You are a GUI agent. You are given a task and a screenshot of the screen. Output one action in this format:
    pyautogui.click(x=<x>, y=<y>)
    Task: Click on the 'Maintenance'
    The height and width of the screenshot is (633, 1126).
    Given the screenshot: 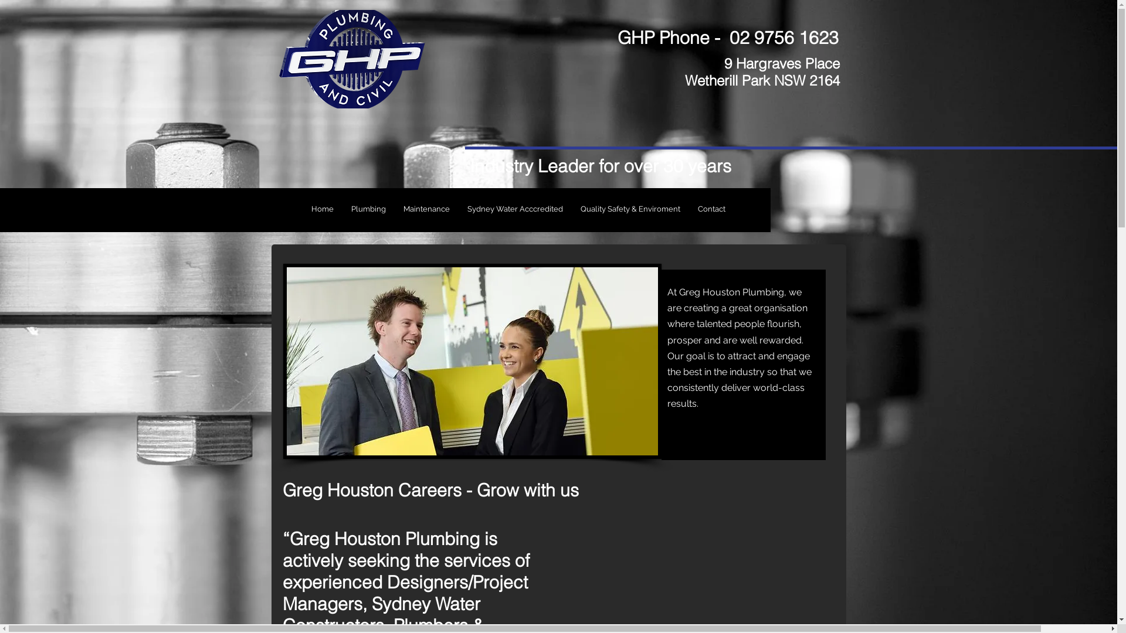 What is the action you would take?
    pyautogui.click(x=394, y=209)
    